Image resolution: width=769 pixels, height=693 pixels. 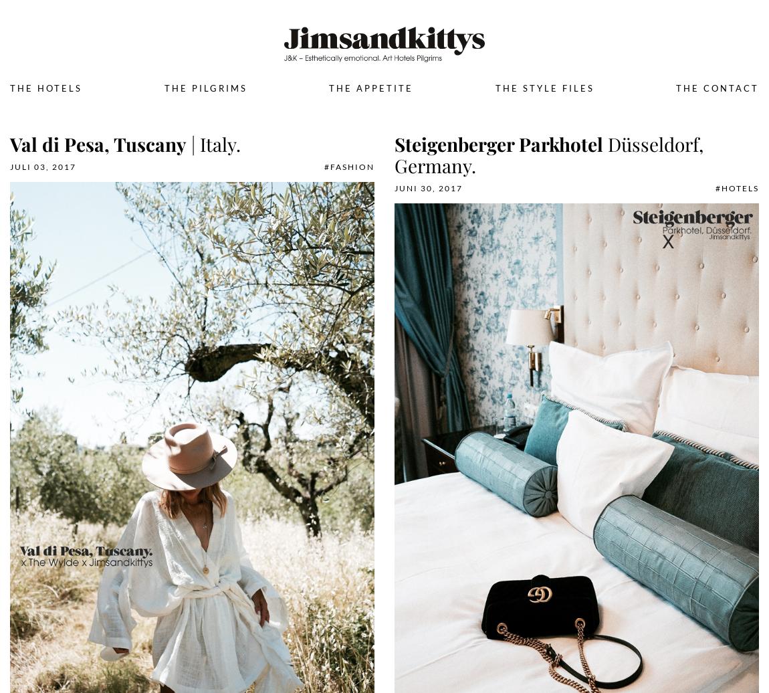 What do you see at coordinates (675, 87) in the screenshot?
I see `'The Contact'` at bounding box center [675, 87].